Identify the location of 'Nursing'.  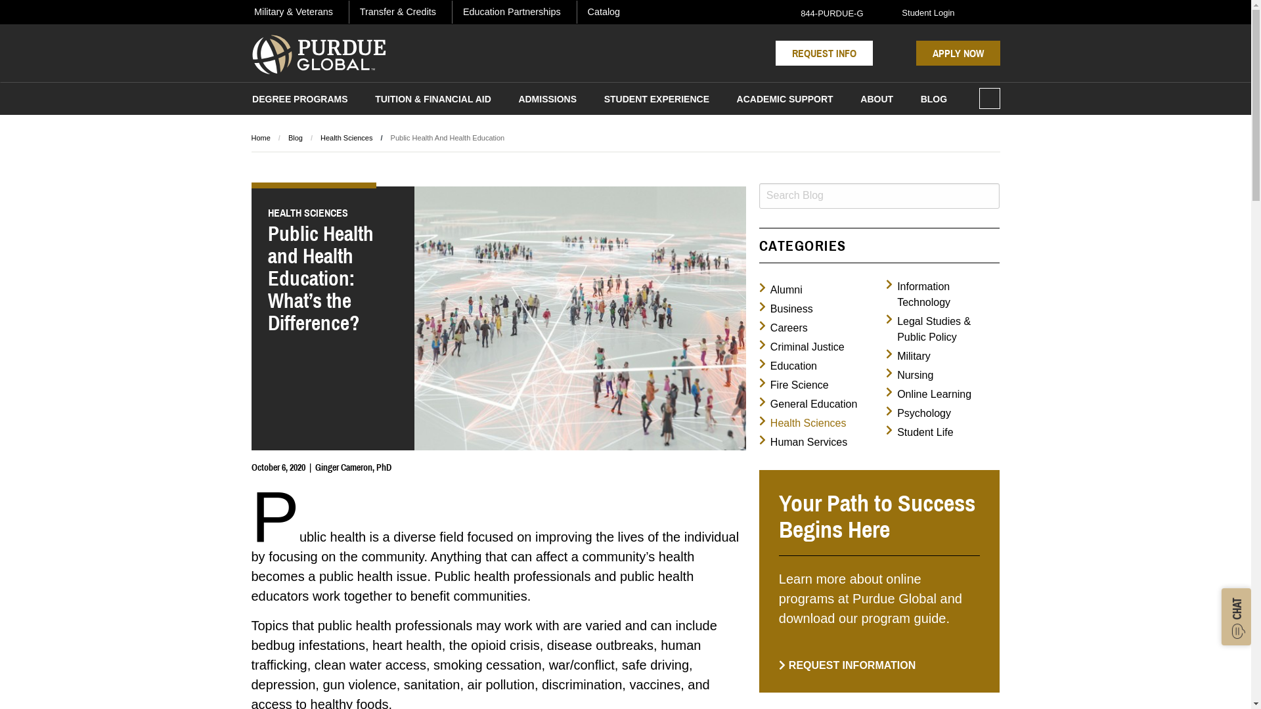
(909, 375).